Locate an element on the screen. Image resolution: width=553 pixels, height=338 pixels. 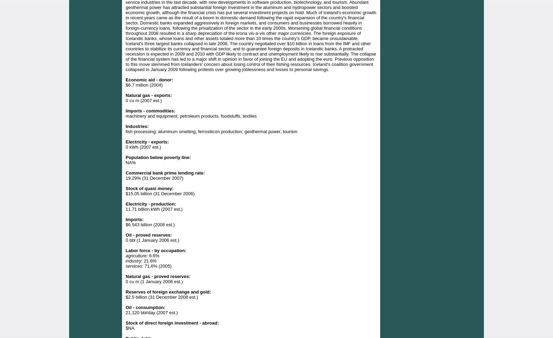
'Oil - consumption:' is located at coordinates (145, 307).